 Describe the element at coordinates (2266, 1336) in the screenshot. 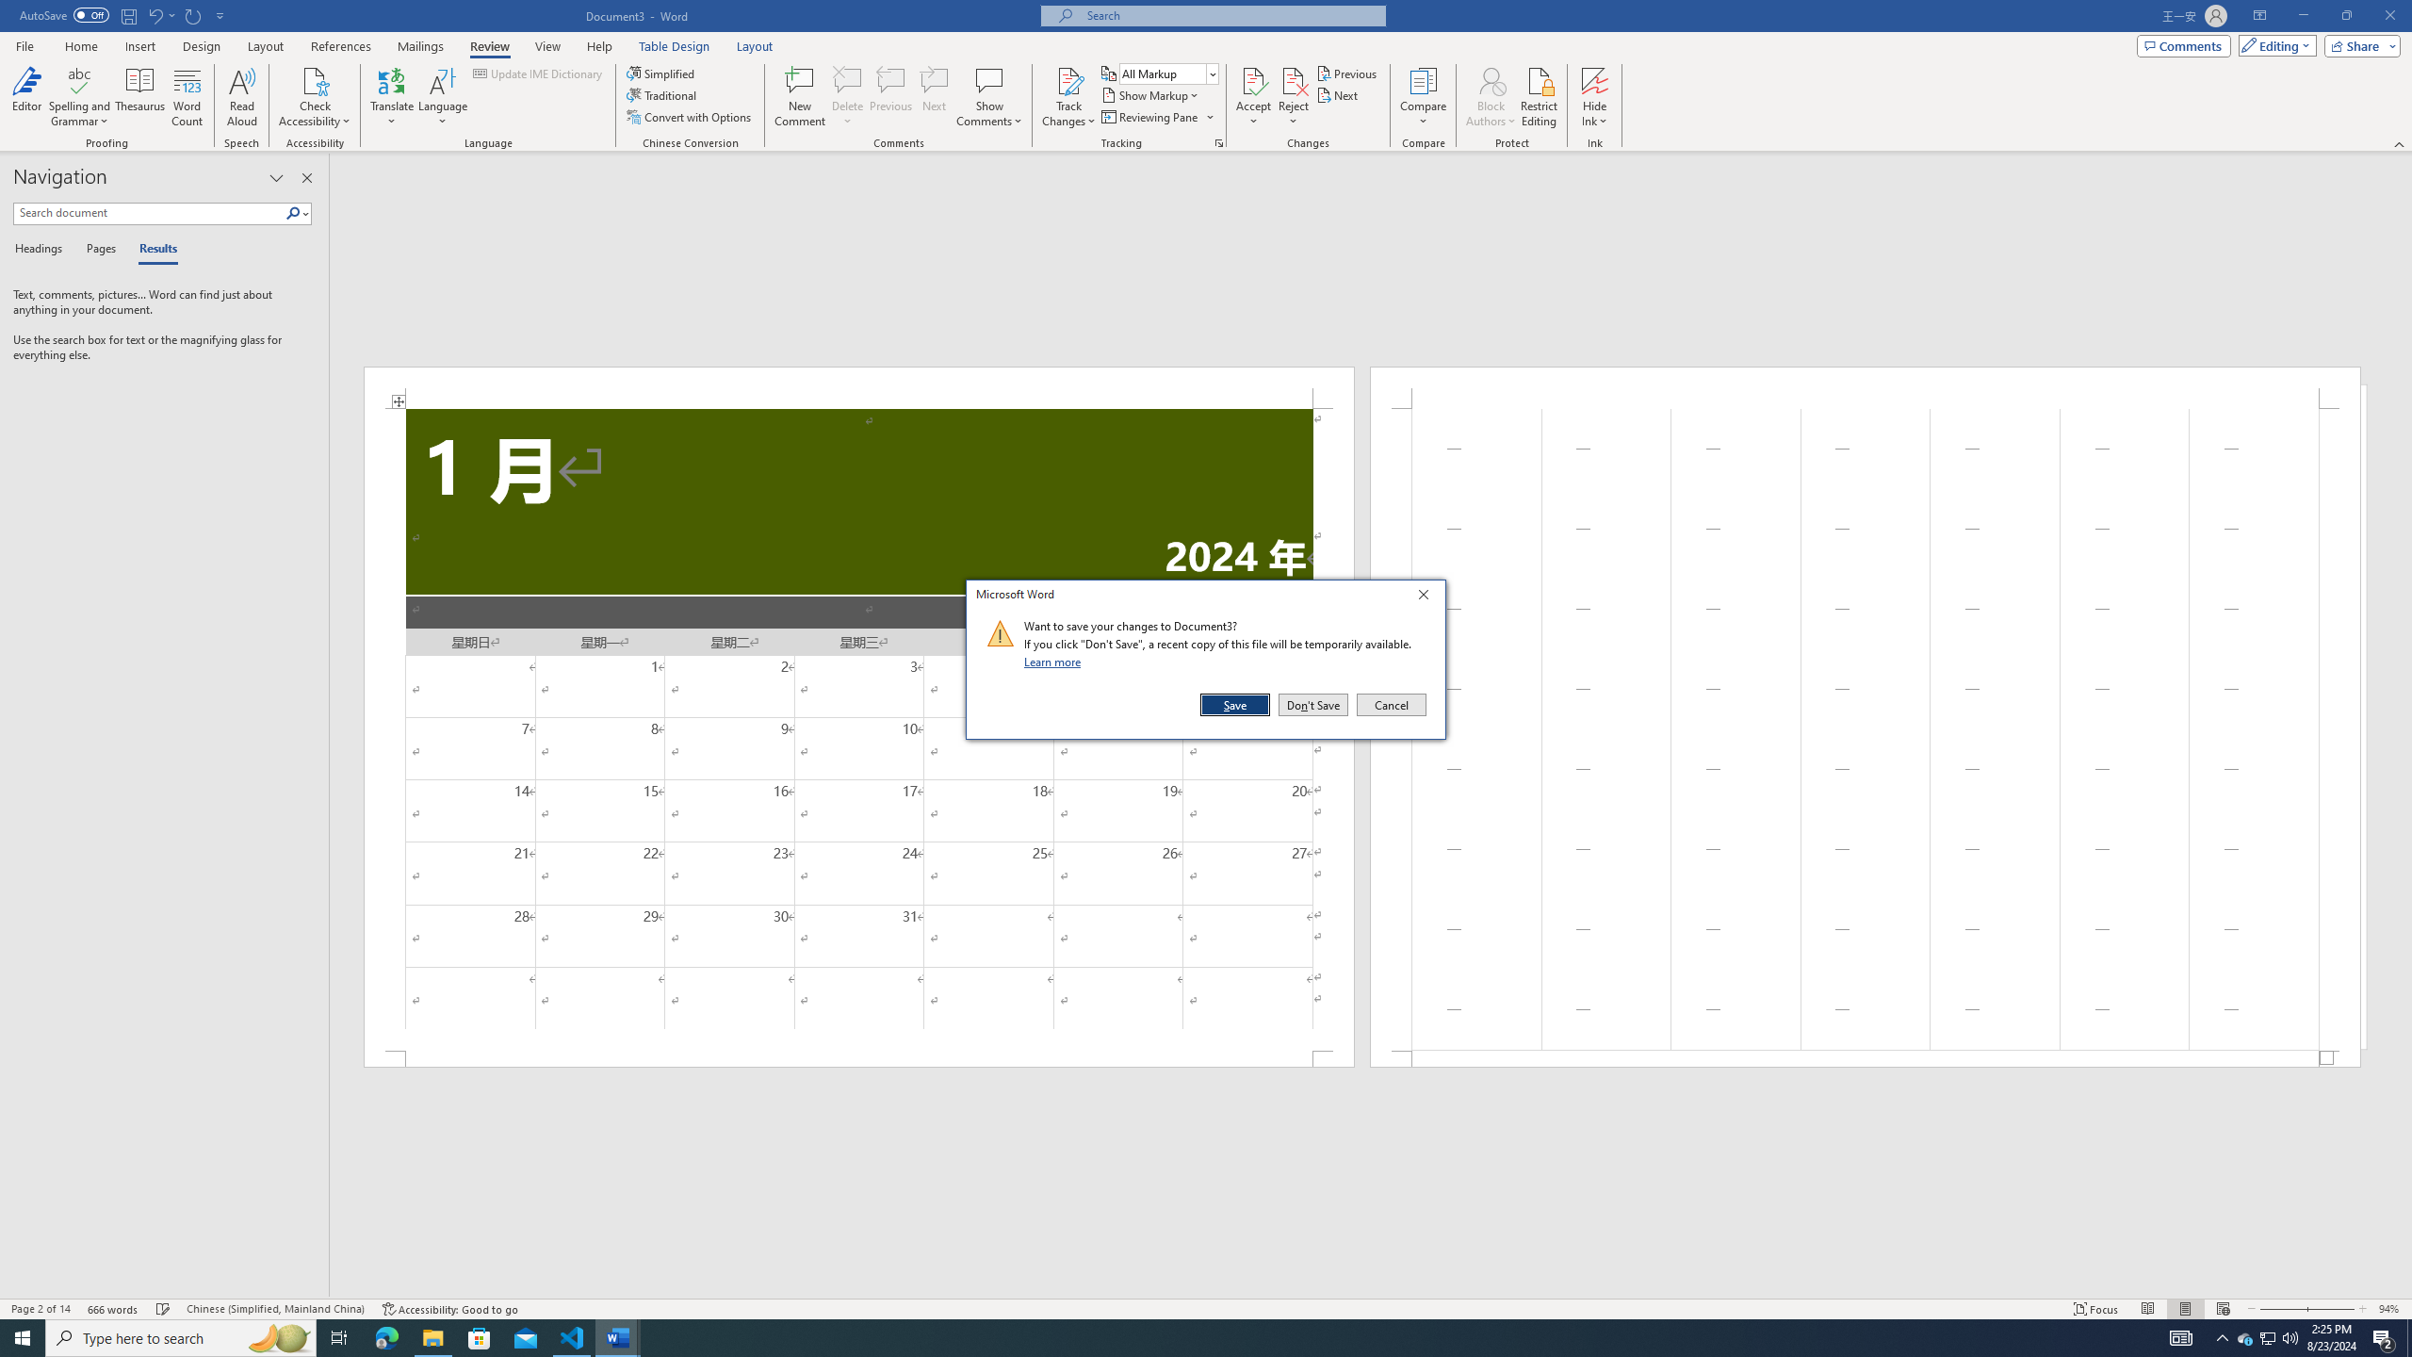

I see `'User Promoted Notification Area'` at that location.